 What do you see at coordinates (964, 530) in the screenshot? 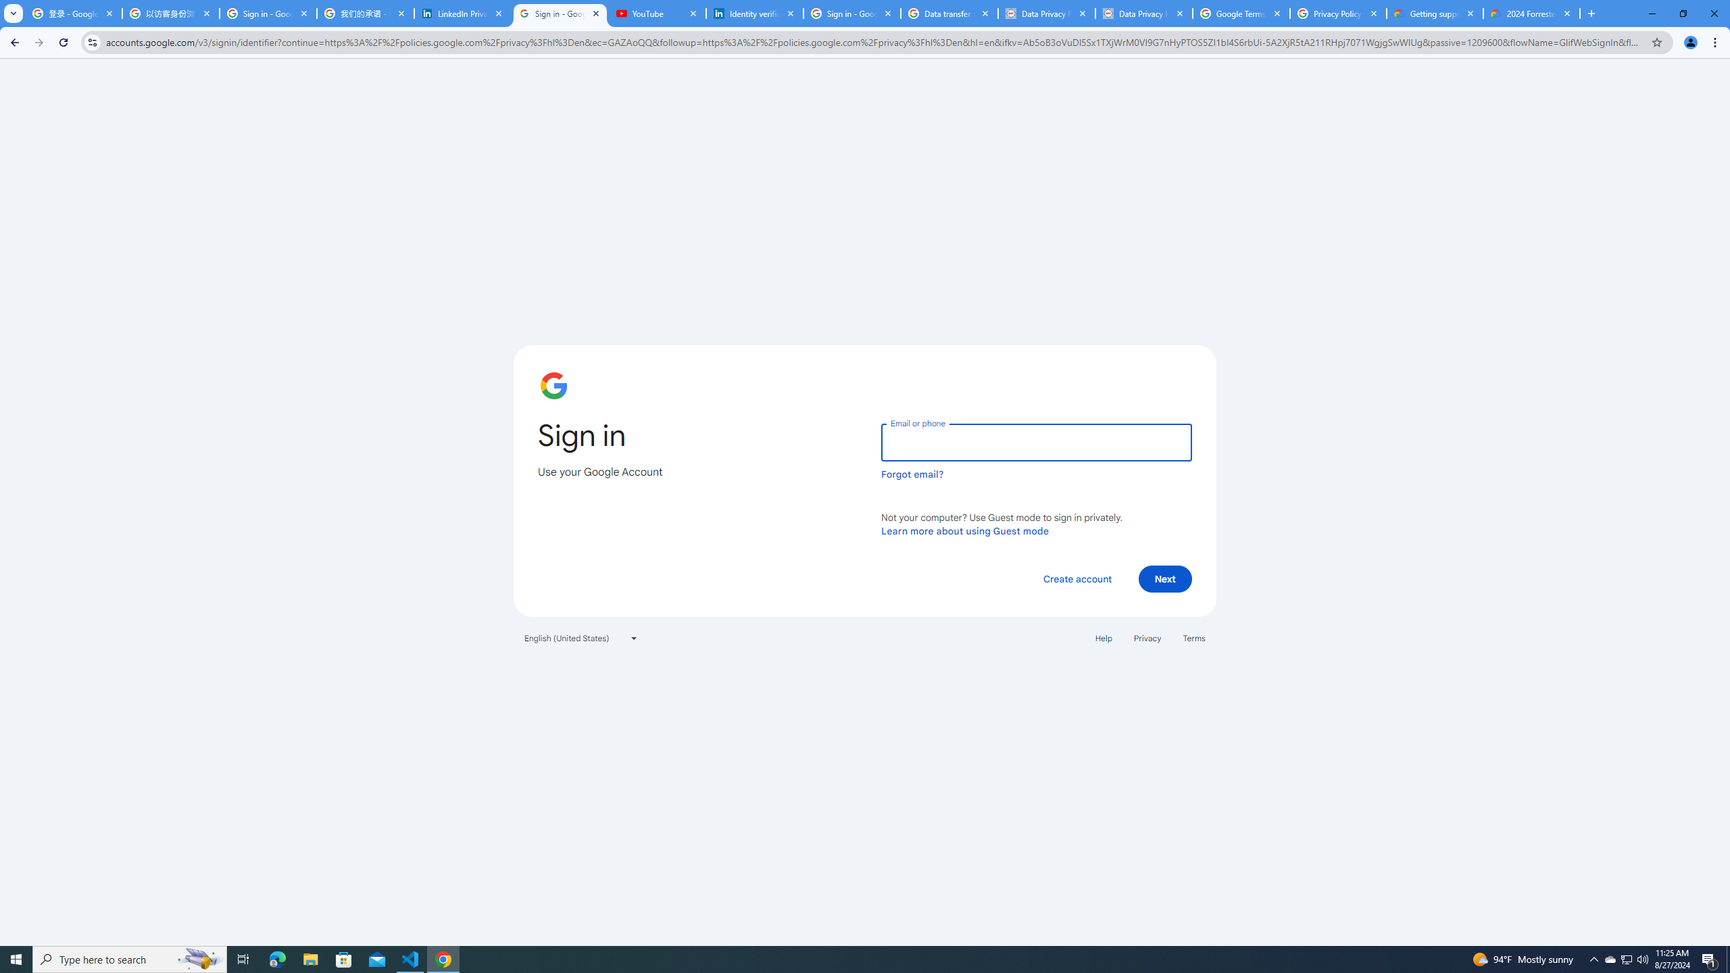
I see `'Learn more about using Guest mode'` at bounding box center [964, 530].